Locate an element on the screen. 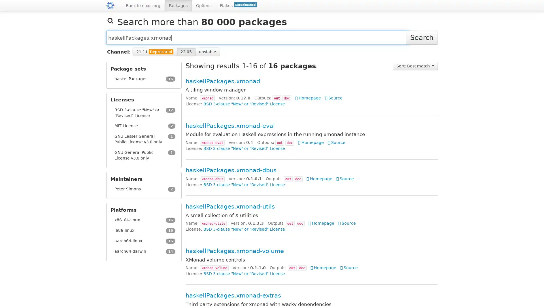 The height and width of the screenshot is (306, 544). Search is located at coordinates (422, 37).